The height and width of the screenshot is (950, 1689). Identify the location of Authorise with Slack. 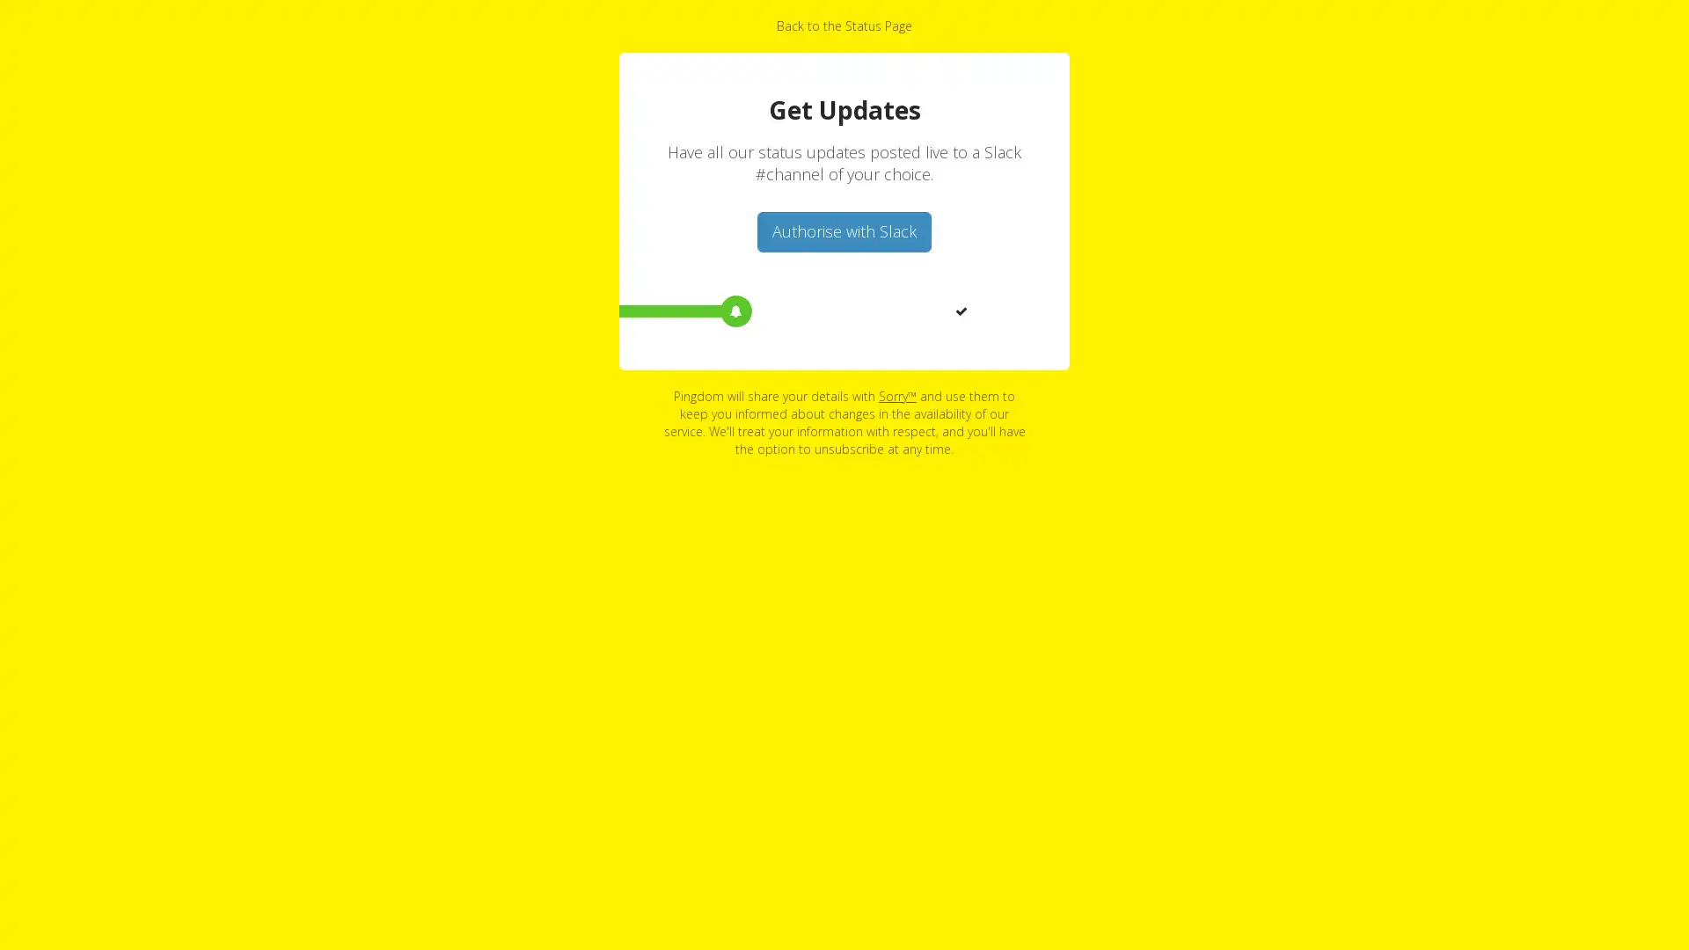
(844, 230).